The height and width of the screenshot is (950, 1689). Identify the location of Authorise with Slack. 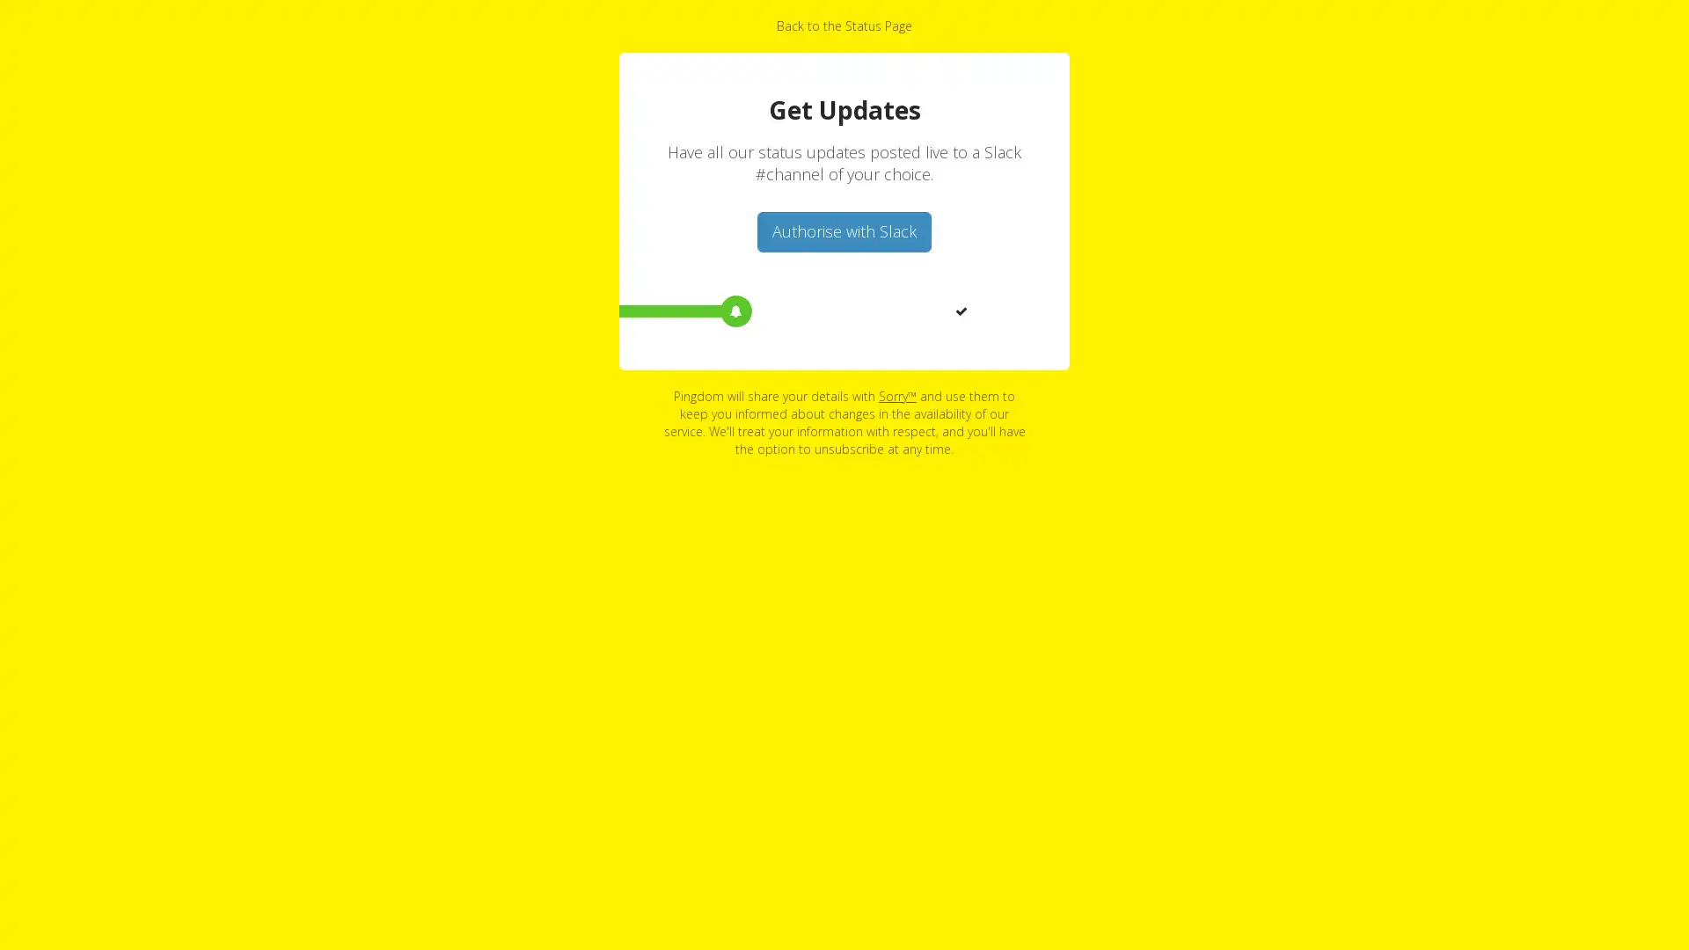
(844, 230).